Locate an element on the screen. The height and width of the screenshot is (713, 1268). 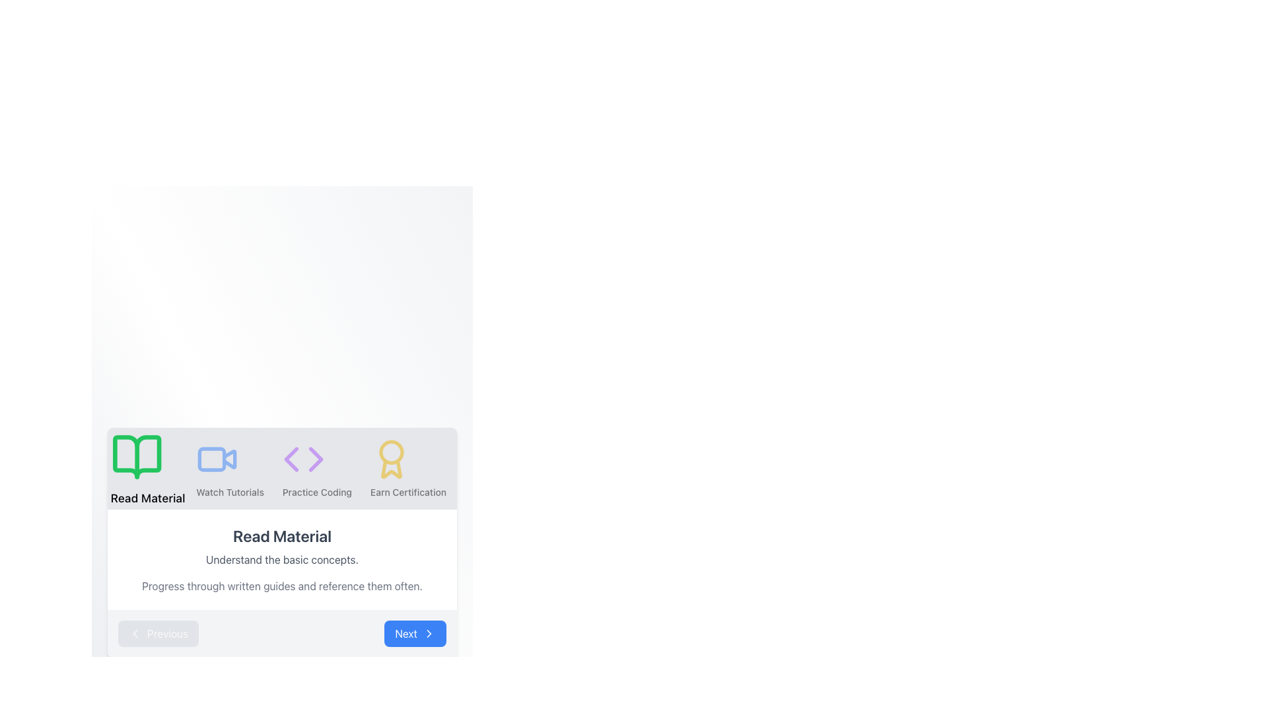
the Chevron Right icon, which is styled with a thin dark stroke and indicates progression, located adjacent to the 'Next' button is located at coordinates (429, 633).